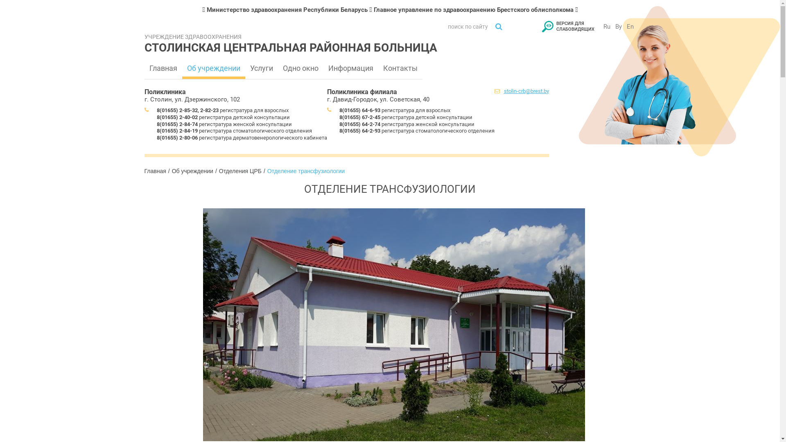 This screenshot has width=786, height=442. Describe the element at coordinates (606, 26) in the screenshot. I see `'Ru'` at that location.